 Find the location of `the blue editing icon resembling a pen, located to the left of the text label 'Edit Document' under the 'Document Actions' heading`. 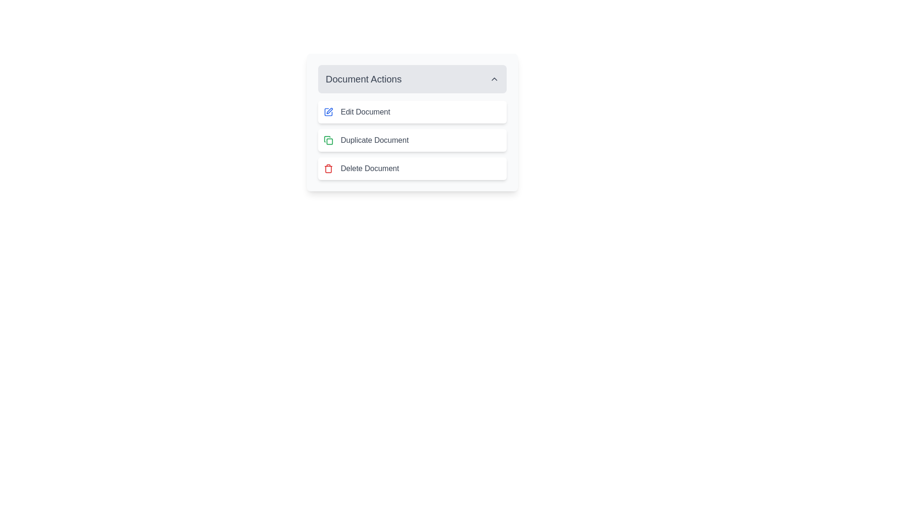

the blue editing icon resembling a pen, located to the left of the text label 'Edit Document' under the 'Document Actions' heading is located at coordinates (328, 112).